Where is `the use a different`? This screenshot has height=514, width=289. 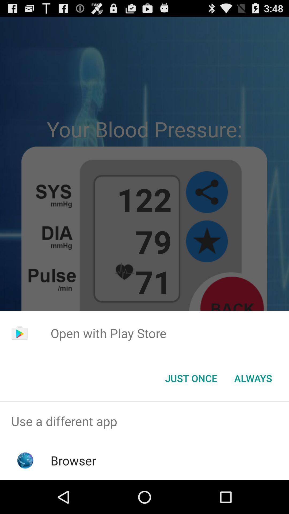 the use a different is located at coordinates (144, 421).